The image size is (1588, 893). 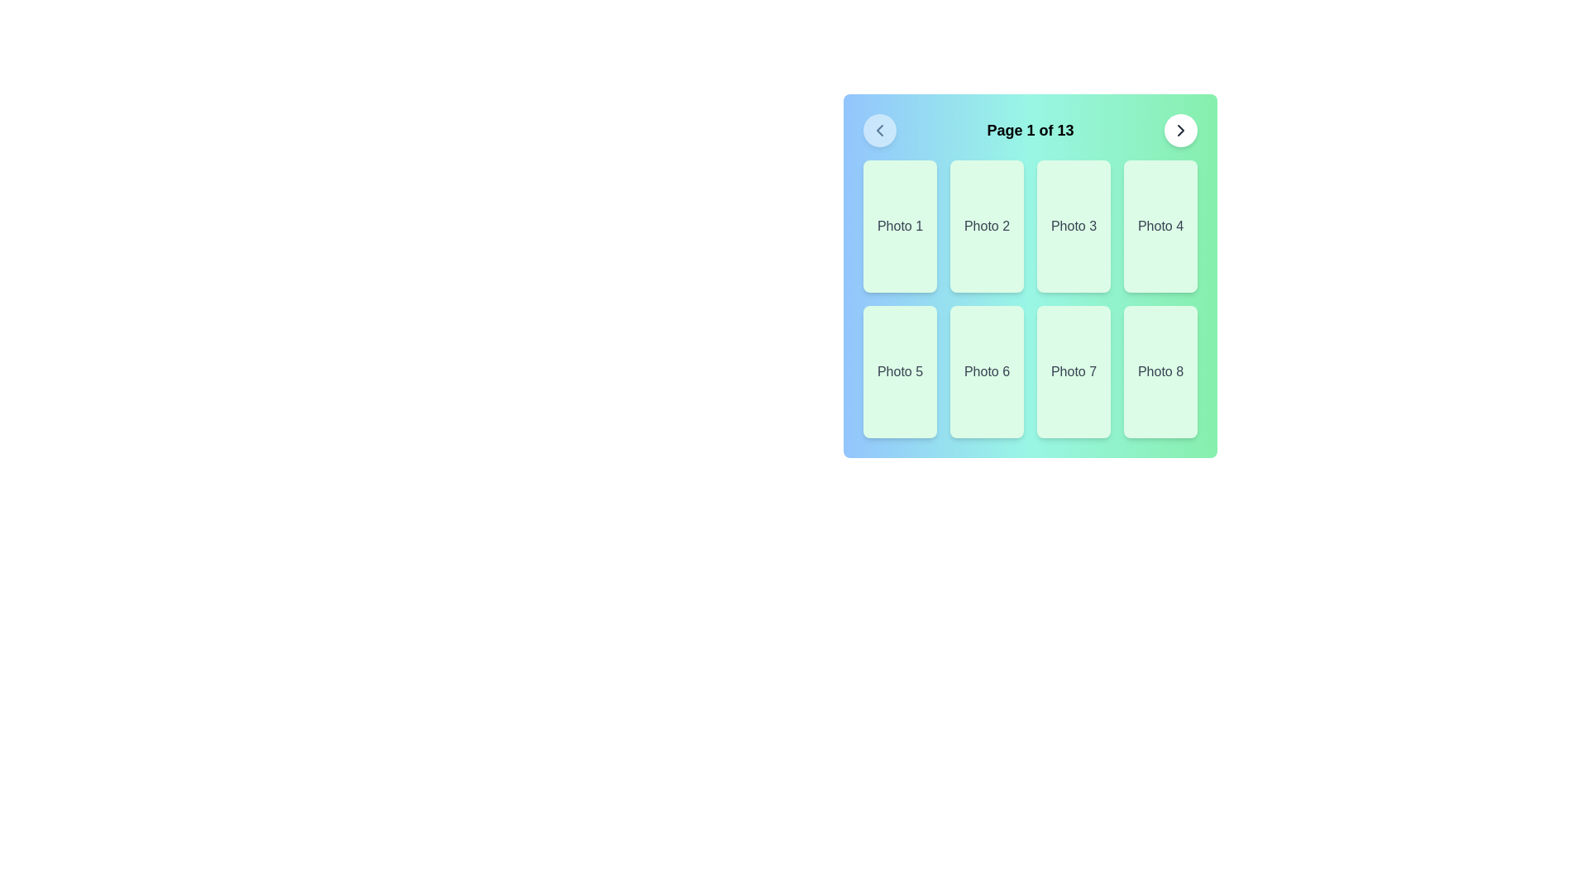 I want to click on the Rectangular card representing 'Photo 6' located in the second row and second column of a 4x2 grid layout, so click(x=987, y=372).